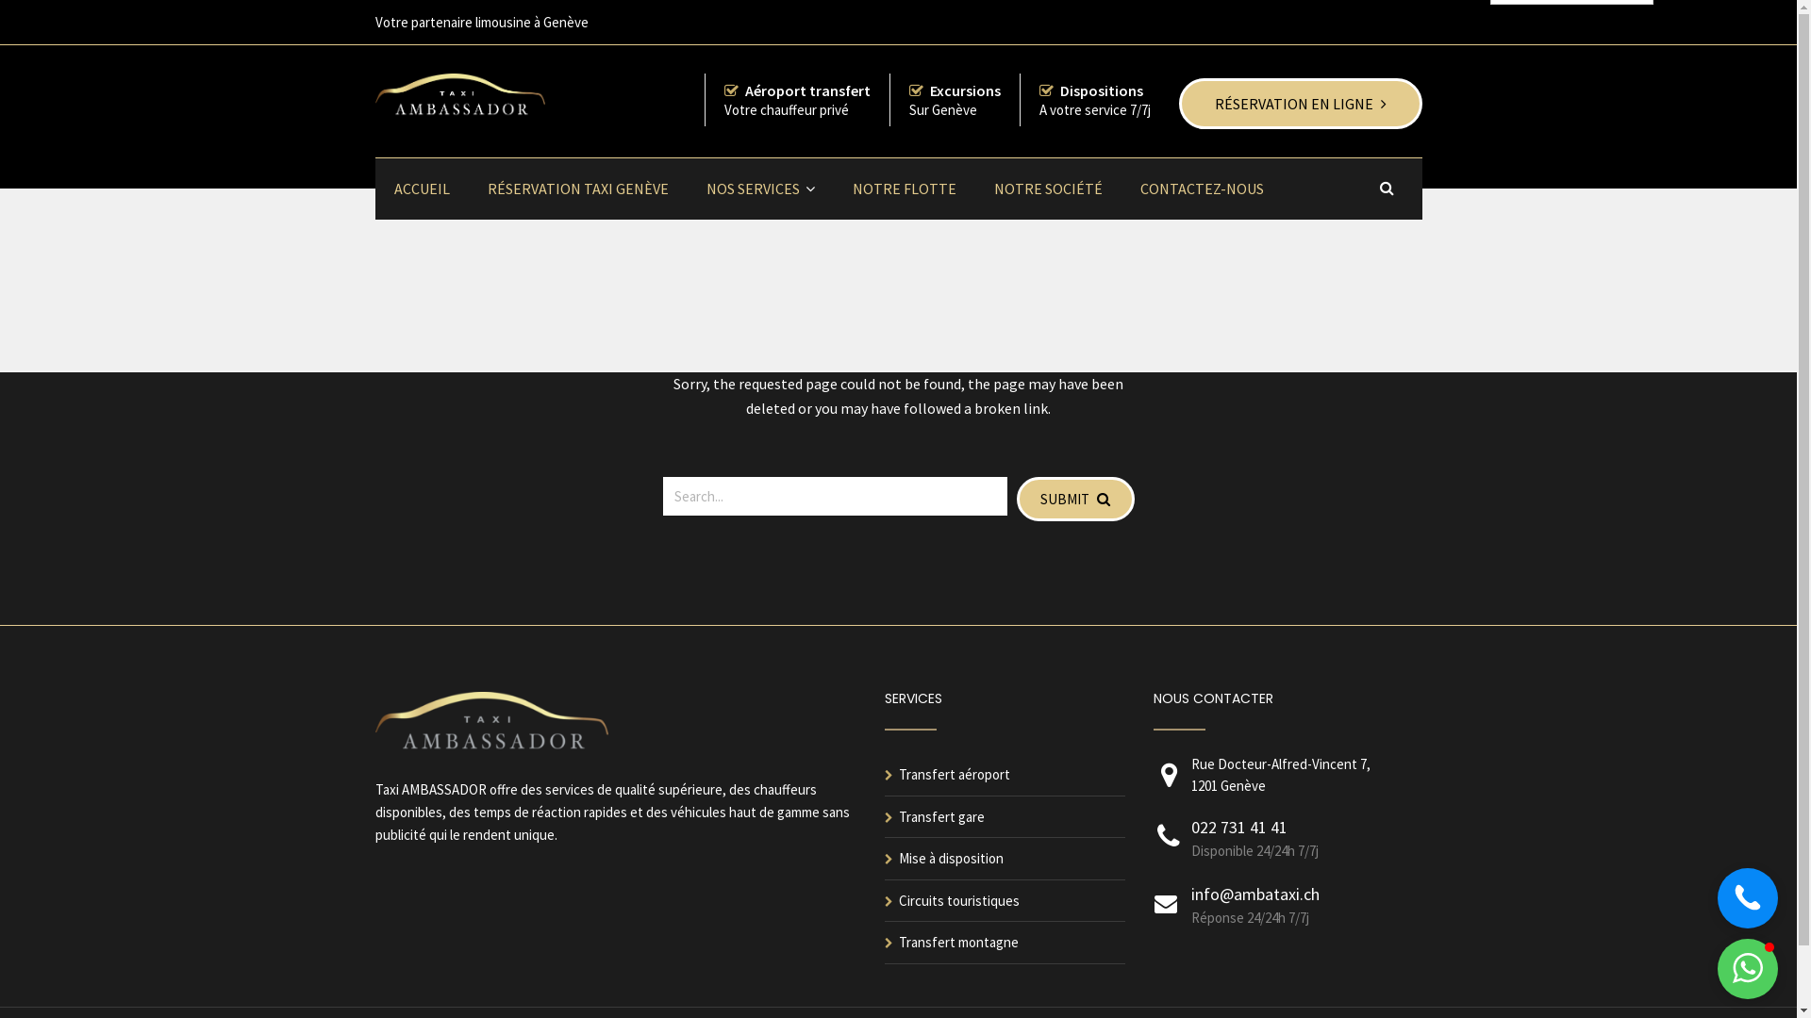 This screenshot has height=1018, width=1811. Describe the element at coordinates (1200, 189) in the screenshot. I see `'CONTACTEZ-NOUS'` at that location.